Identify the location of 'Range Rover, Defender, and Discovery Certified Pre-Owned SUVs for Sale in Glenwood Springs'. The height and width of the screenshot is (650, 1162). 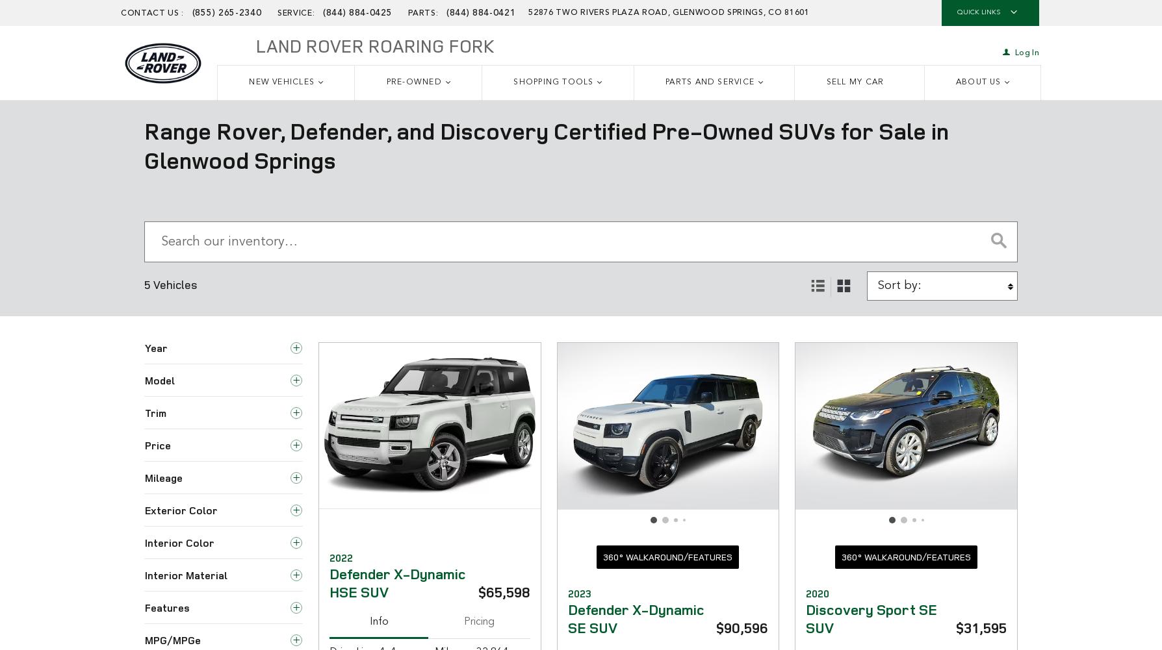
(144, 145).